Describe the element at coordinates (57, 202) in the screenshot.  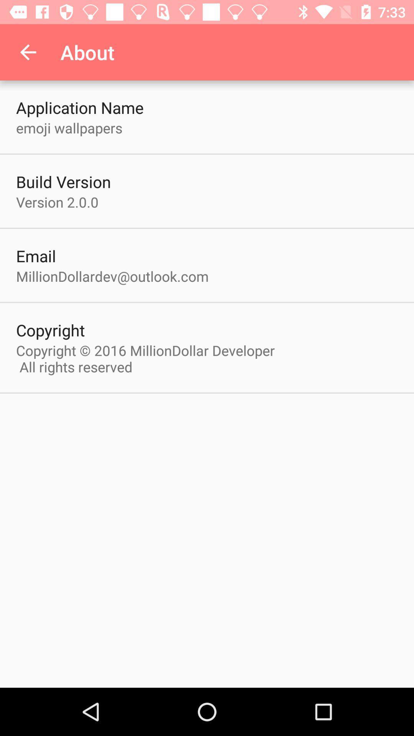
I see `the icon below the build version icon` at that location.